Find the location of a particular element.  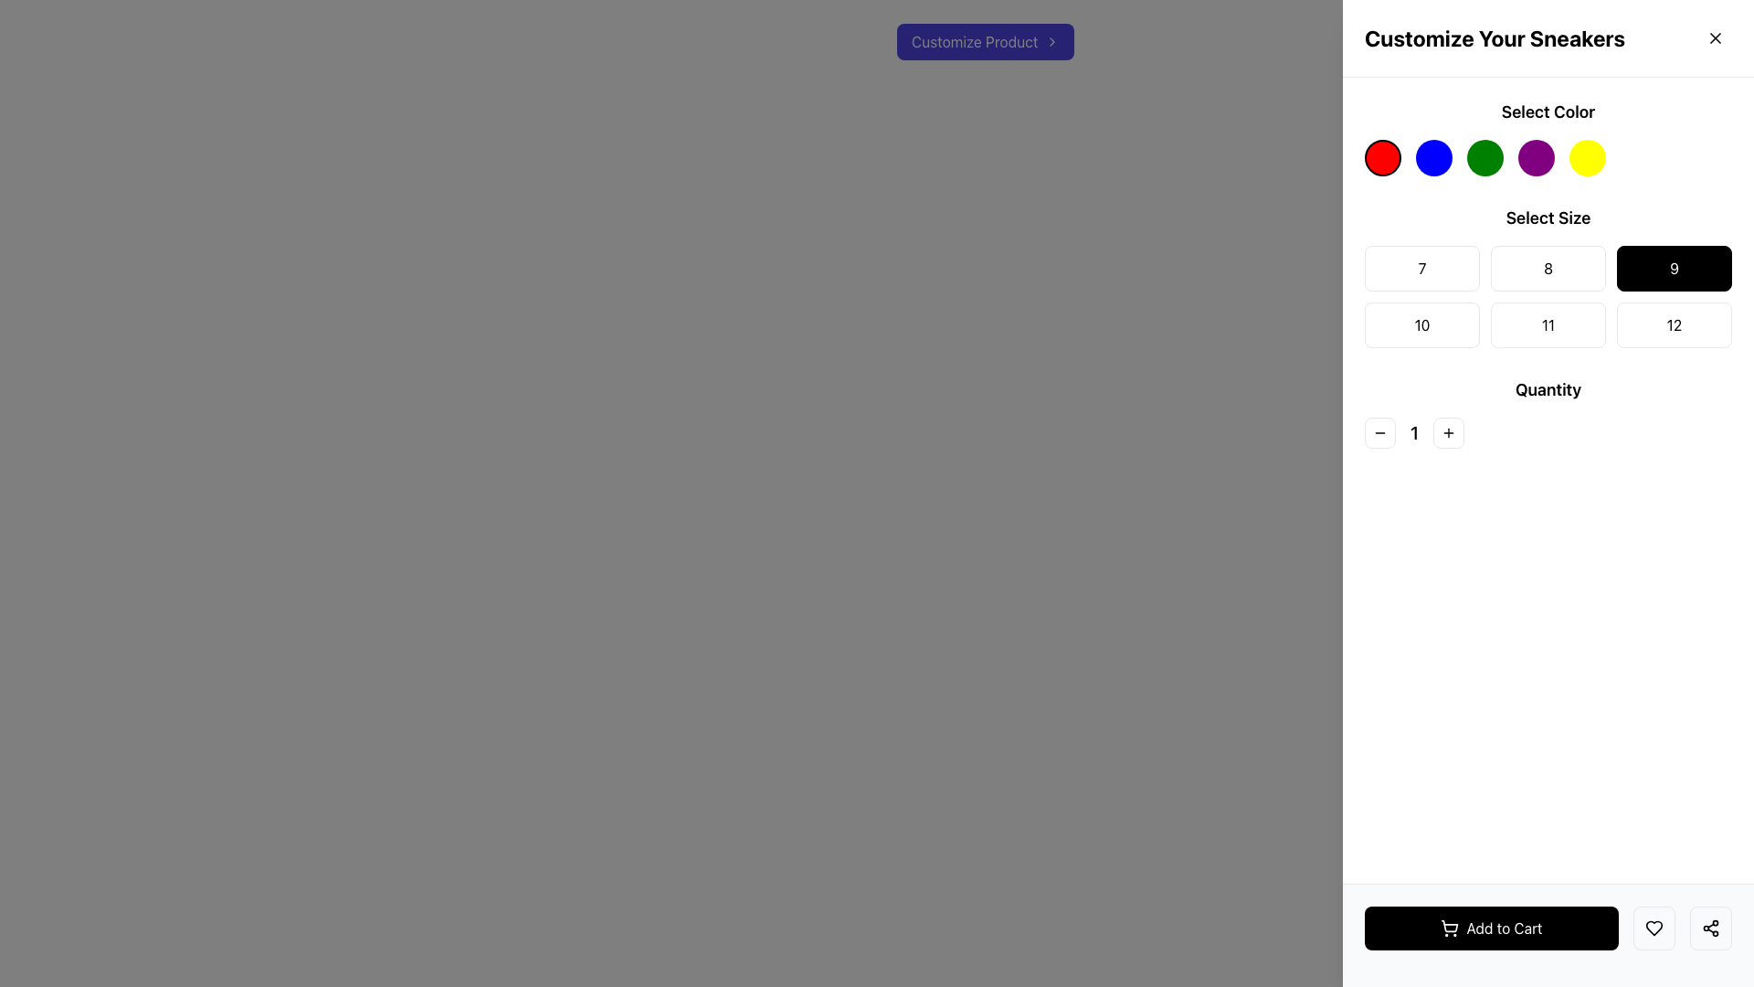

the color swatch selector located on the right-side panel, directly below the 'Select Color' text is located at coordinates (1547, 136).